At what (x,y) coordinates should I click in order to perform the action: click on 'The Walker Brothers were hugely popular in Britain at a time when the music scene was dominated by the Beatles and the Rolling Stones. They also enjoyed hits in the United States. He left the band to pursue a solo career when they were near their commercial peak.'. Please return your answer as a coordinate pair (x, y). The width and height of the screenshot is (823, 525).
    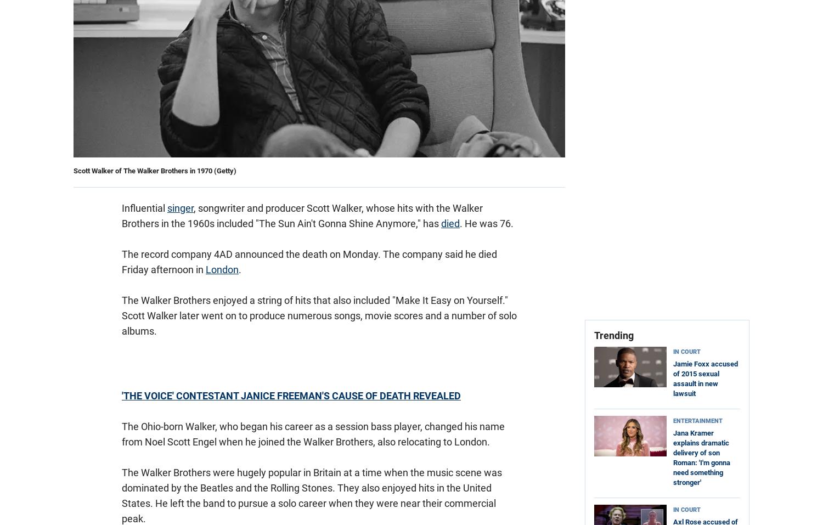
    Looking at the image, I should click on (311, 495).